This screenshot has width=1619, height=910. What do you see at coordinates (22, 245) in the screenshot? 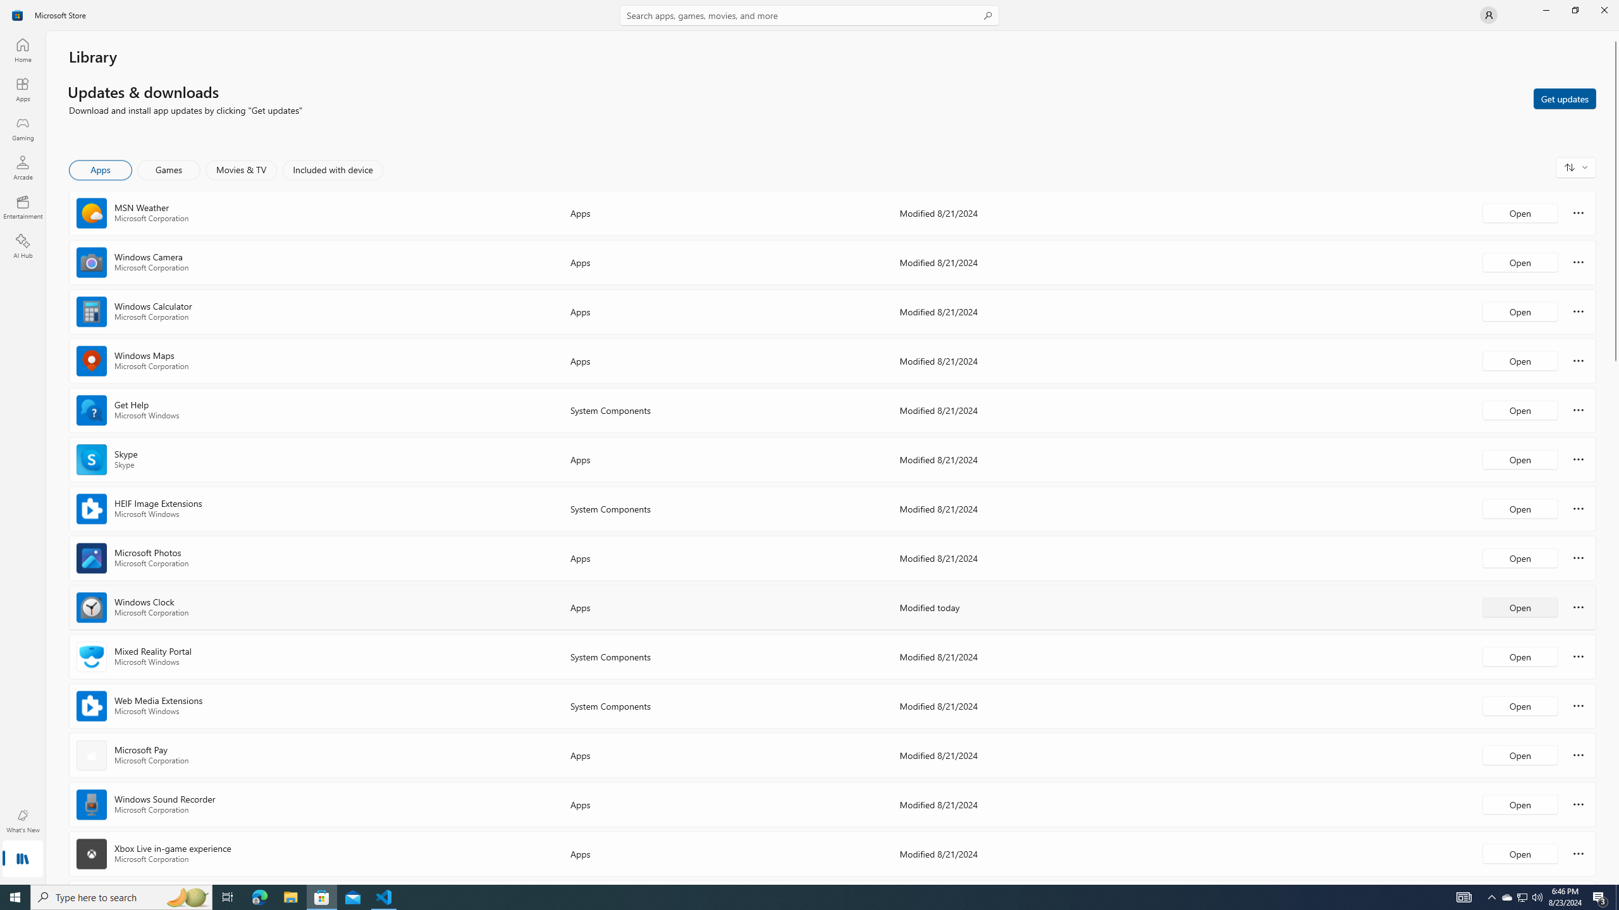
I see `'AI Hub'` at bounding box center [22, 245].